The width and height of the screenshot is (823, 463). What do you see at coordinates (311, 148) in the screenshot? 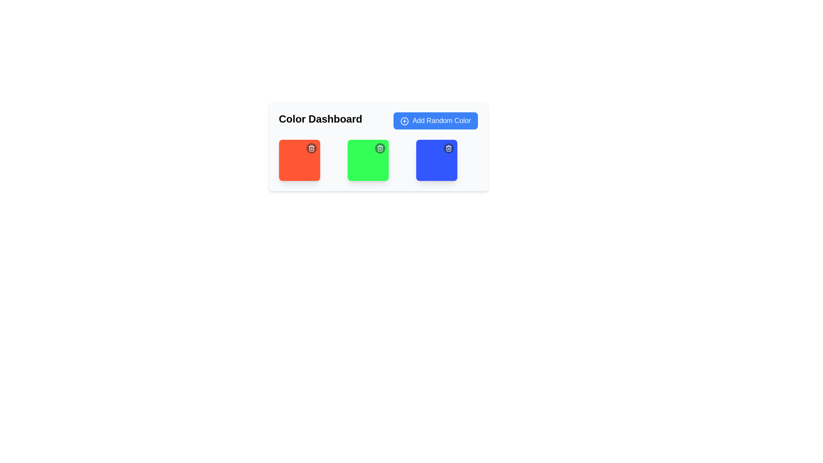
I see `second graphical component of the trash can icon in developer tools` at bounding box center [311, 148].